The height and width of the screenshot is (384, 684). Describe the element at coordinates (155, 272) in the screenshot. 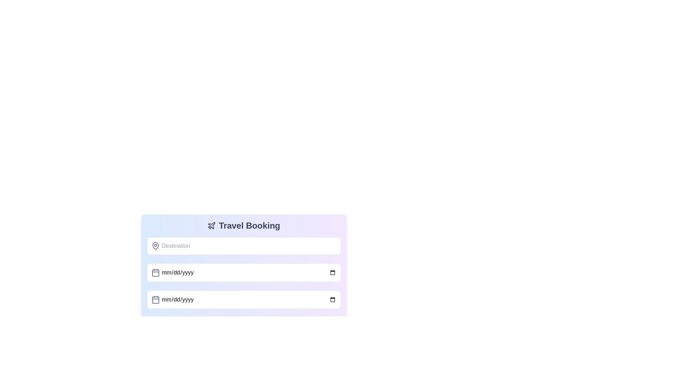

I see `the calendar icon, which is a simplistic rectangular design with rounded corners` at that location.